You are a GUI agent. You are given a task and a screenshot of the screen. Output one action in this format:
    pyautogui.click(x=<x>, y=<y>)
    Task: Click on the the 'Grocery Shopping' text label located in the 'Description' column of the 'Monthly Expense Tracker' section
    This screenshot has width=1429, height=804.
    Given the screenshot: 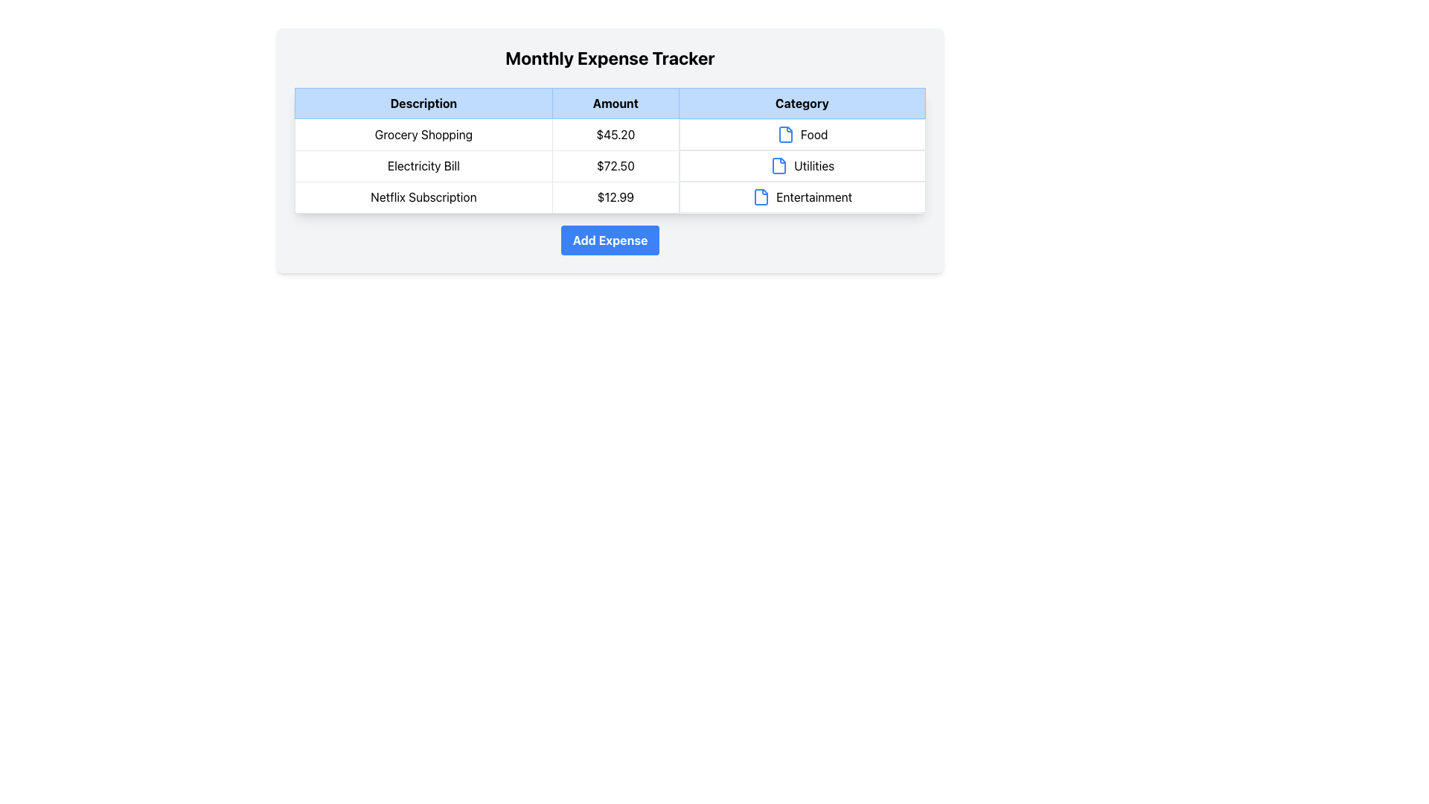 What is the action you would take?
    pyautogui.click(x=423, y=134)
    